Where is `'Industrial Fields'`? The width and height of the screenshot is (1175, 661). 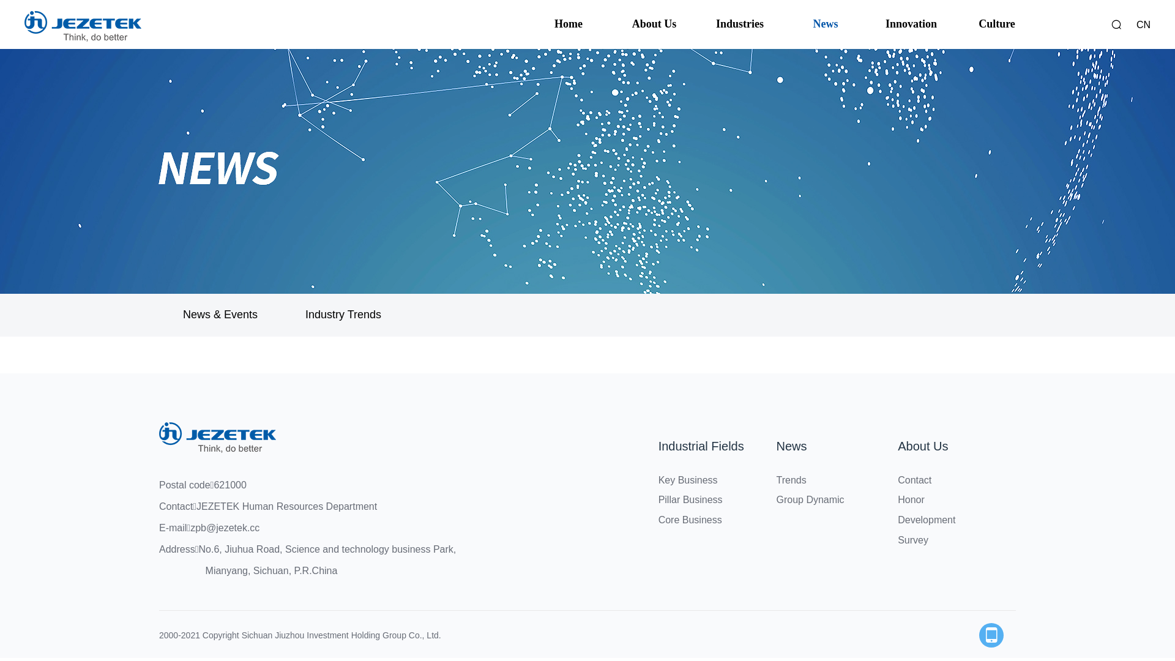 'Industrial Fields' is located at coordinates (701, 446).